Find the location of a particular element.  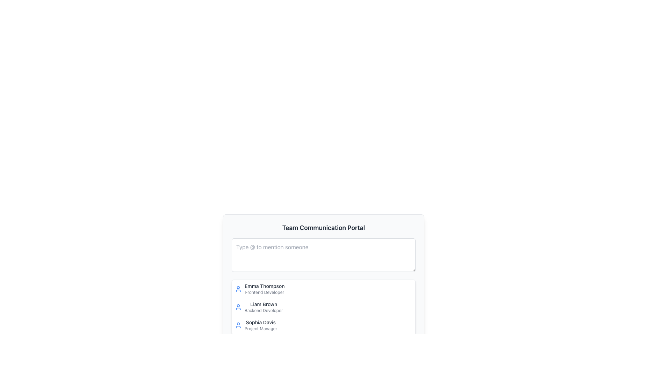

the label displaying the text 'Liam Brown' which is styled in gray and positioned above 'Sophia Davis' and below 'Emma Thompson' in the team members list is located at coordinates (263, 304).